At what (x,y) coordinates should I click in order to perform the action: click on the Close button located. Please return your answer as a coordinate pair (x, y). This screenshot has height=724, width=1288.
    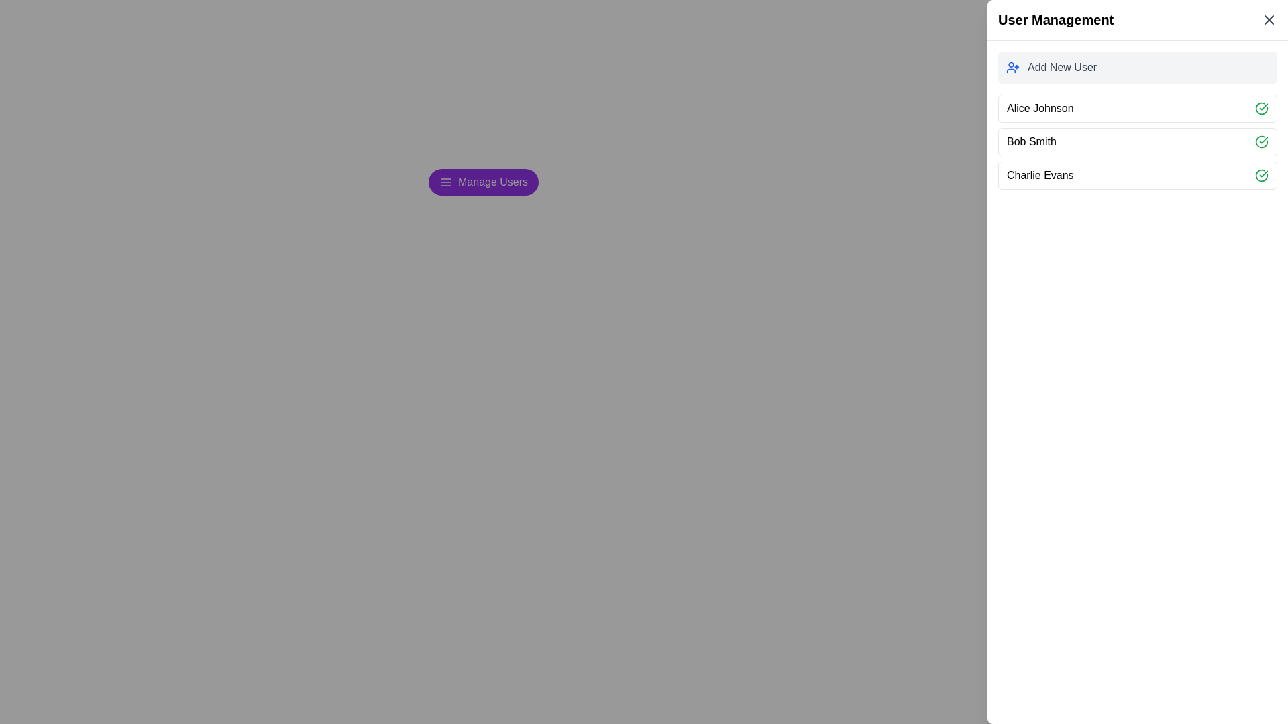
    Looking at the image, I should click on (1268, 20).